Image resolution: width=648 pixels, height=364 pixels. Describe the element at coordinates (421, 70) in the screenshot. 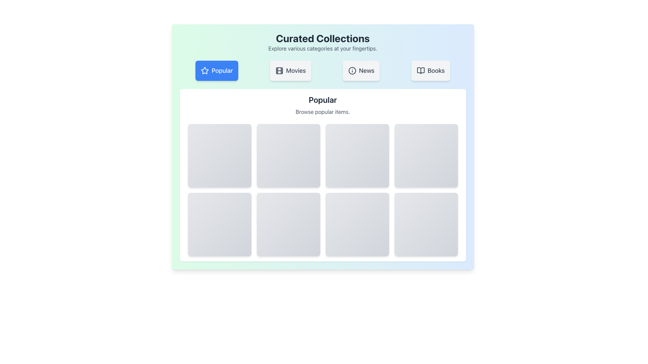

I see `the 'Books' category icon located at the top-right corner of the header section` at that location.